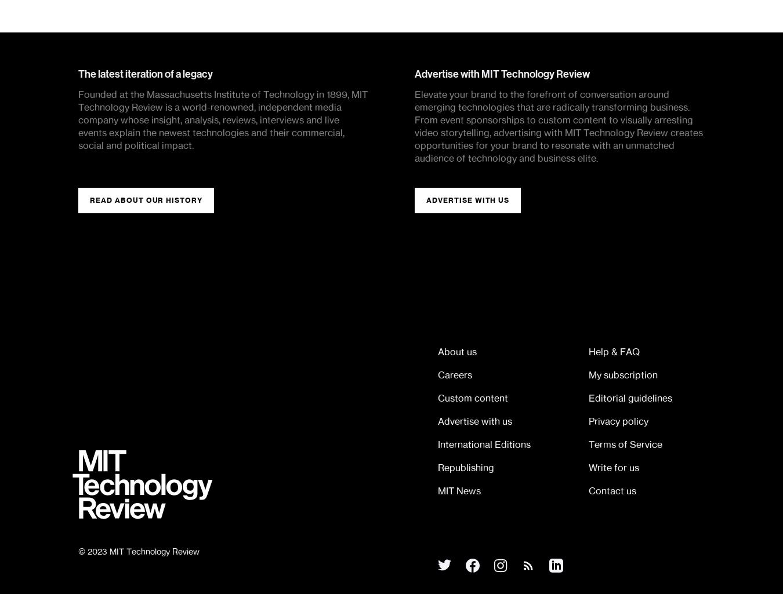 The image size is (783, 594). Describe the element at coordinates (630, 398) in the screenshot. I see `'Editorial guidelines'` at that location.